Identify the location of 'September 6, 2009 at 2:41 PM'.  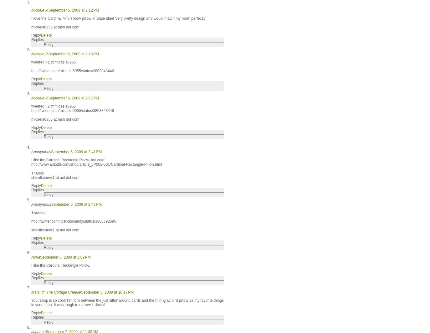
(76, 151).